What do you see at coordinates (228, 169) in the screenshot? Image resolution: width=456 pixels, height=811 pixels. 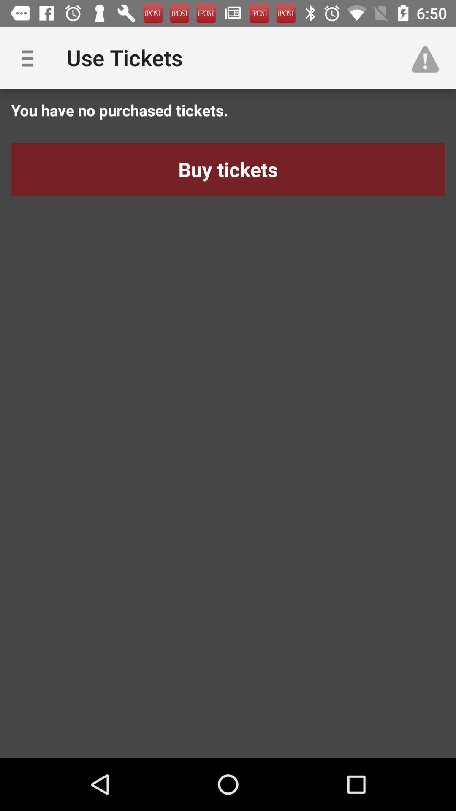 I see `icon below you have no icon` at bounding box center [228, 169].